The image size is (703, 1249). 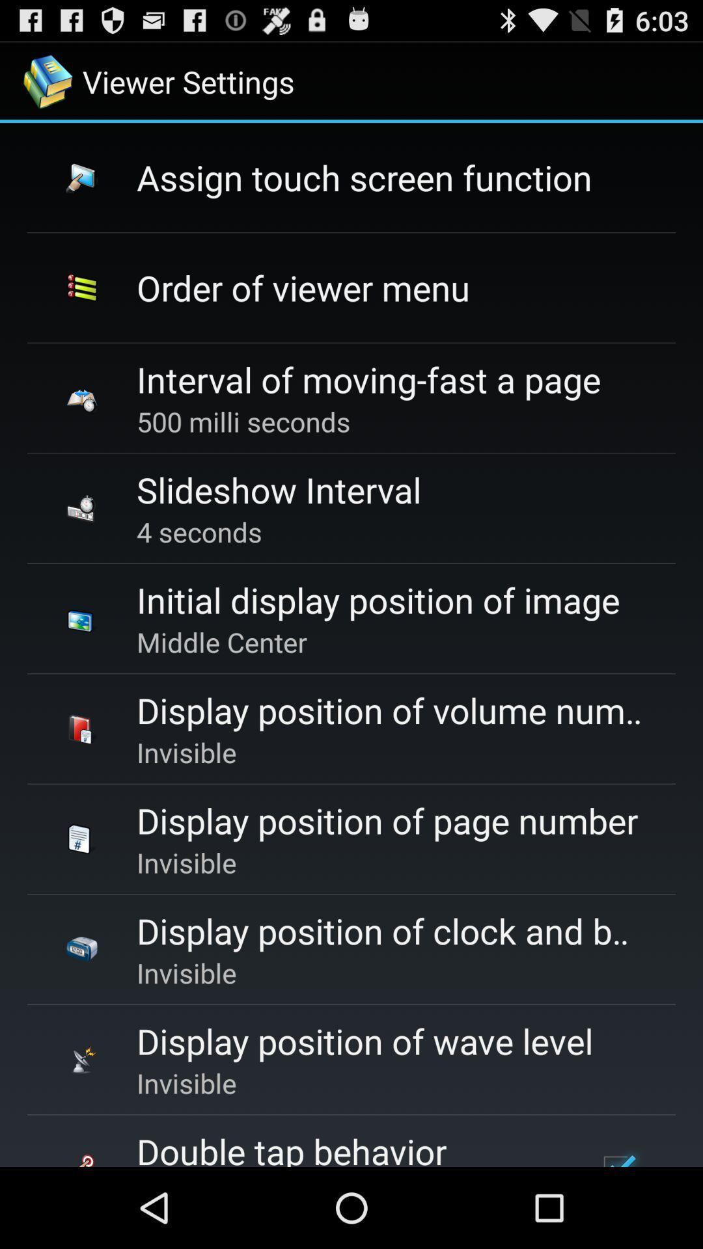 I want to click on the icon above initial display position icon, so click(x=199, y=531).